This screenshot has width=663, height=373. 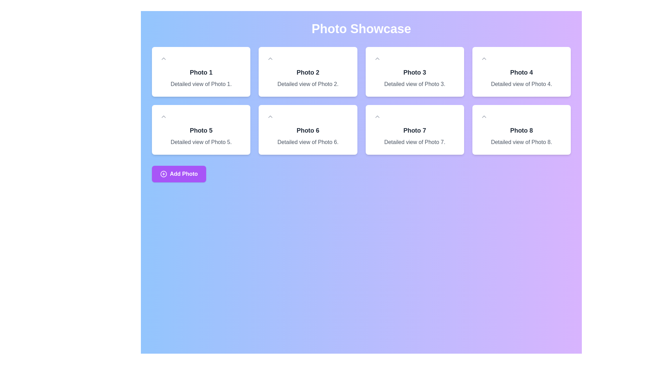 I want to click on the text label reading 'Detailed view of Photo 7.' located beneath the title 'Photo 7' in the photo card interface, so click(x=414, y=142).